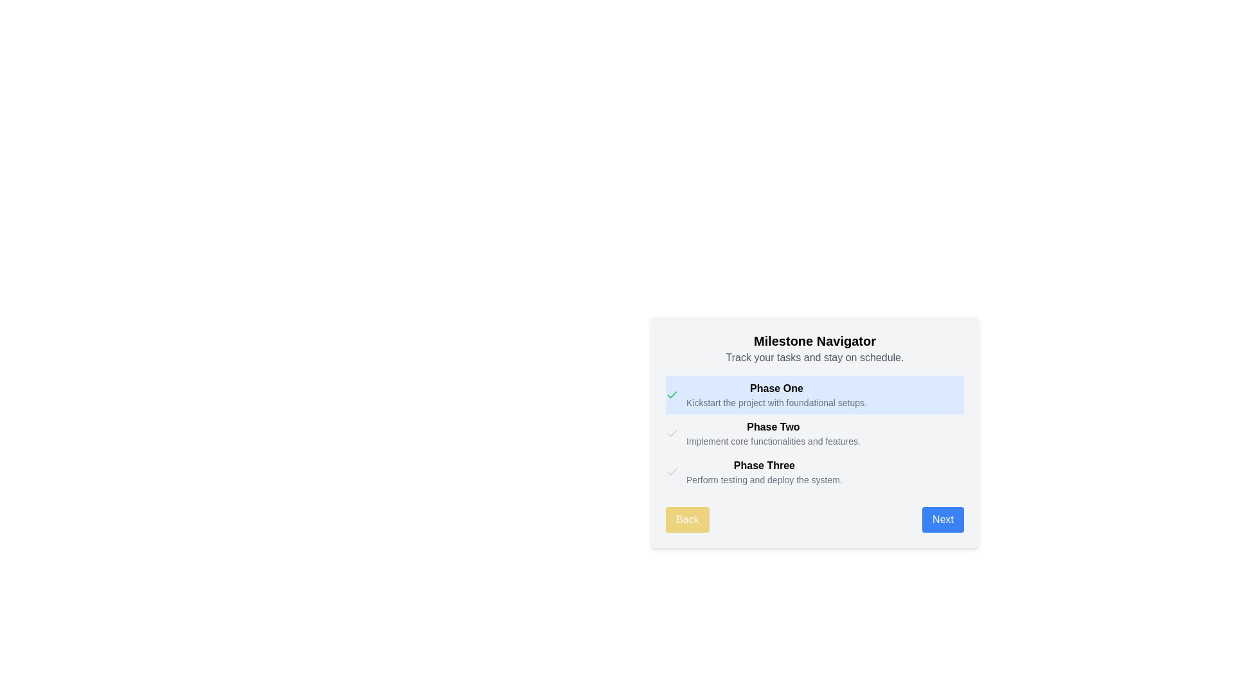 The width and height of the screenshot is (1234, 694). What do you see at coordinates (764, 480) in the screenshot?
I see `the descriptive text label for 'Phase Three' that details the tasks of testing and deploying the system, located below the 'Phase Three' header in the Milestone Navigator interface` at bounding box center [764, 480].